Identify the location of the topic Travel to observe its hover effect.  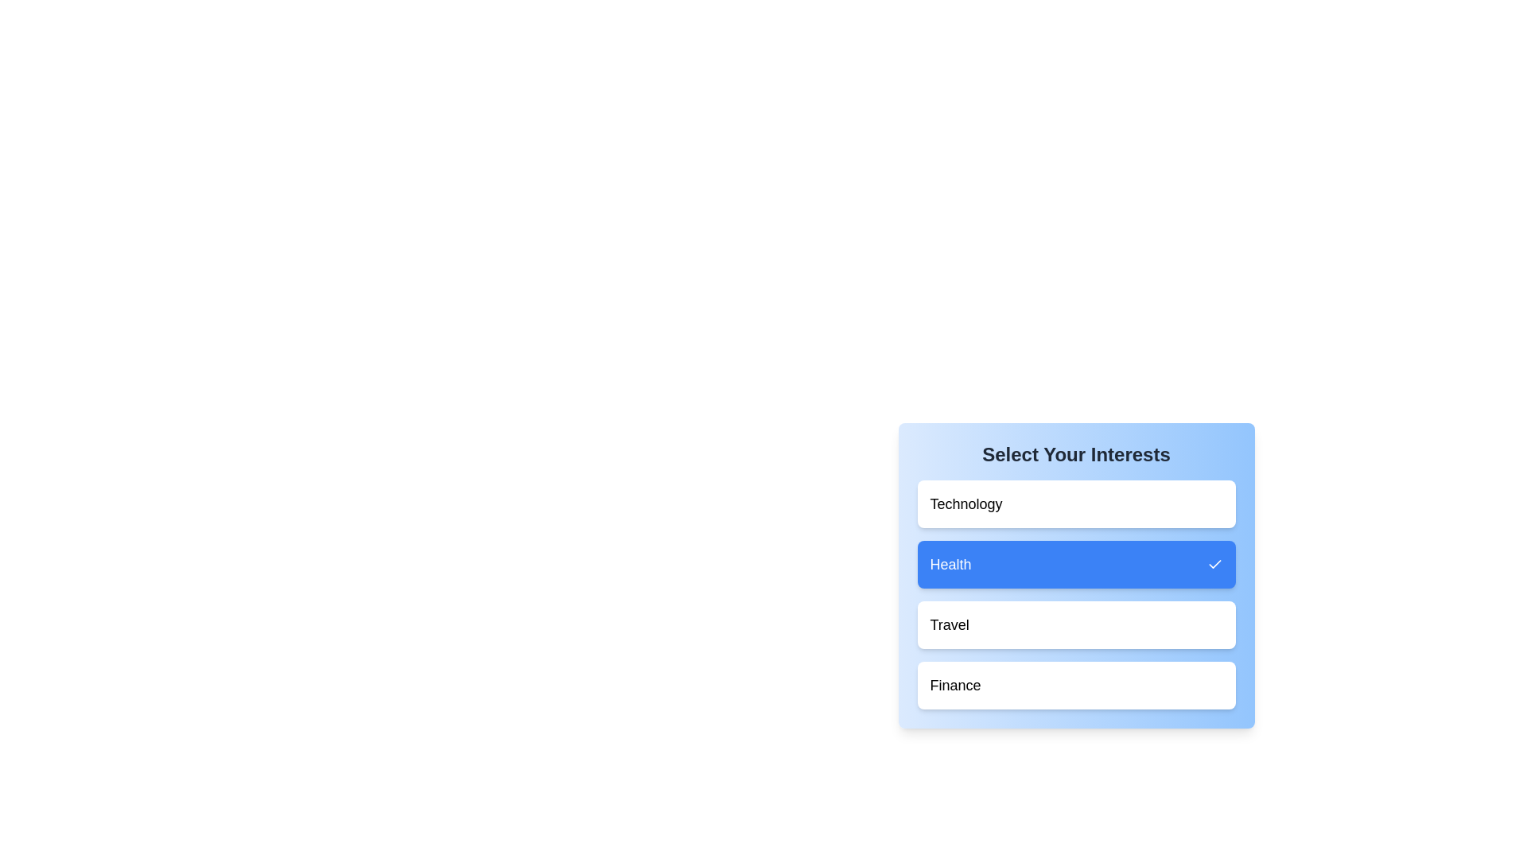
(1076, 624).